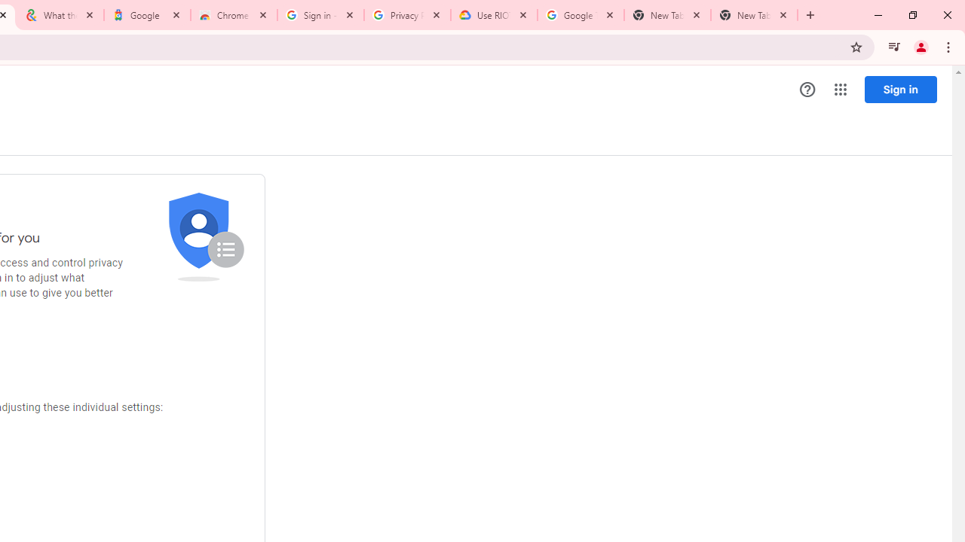 Image resolution: width=965 pixels, height=542 pixels. I want to click on 'New Tab', so click(754, 15).